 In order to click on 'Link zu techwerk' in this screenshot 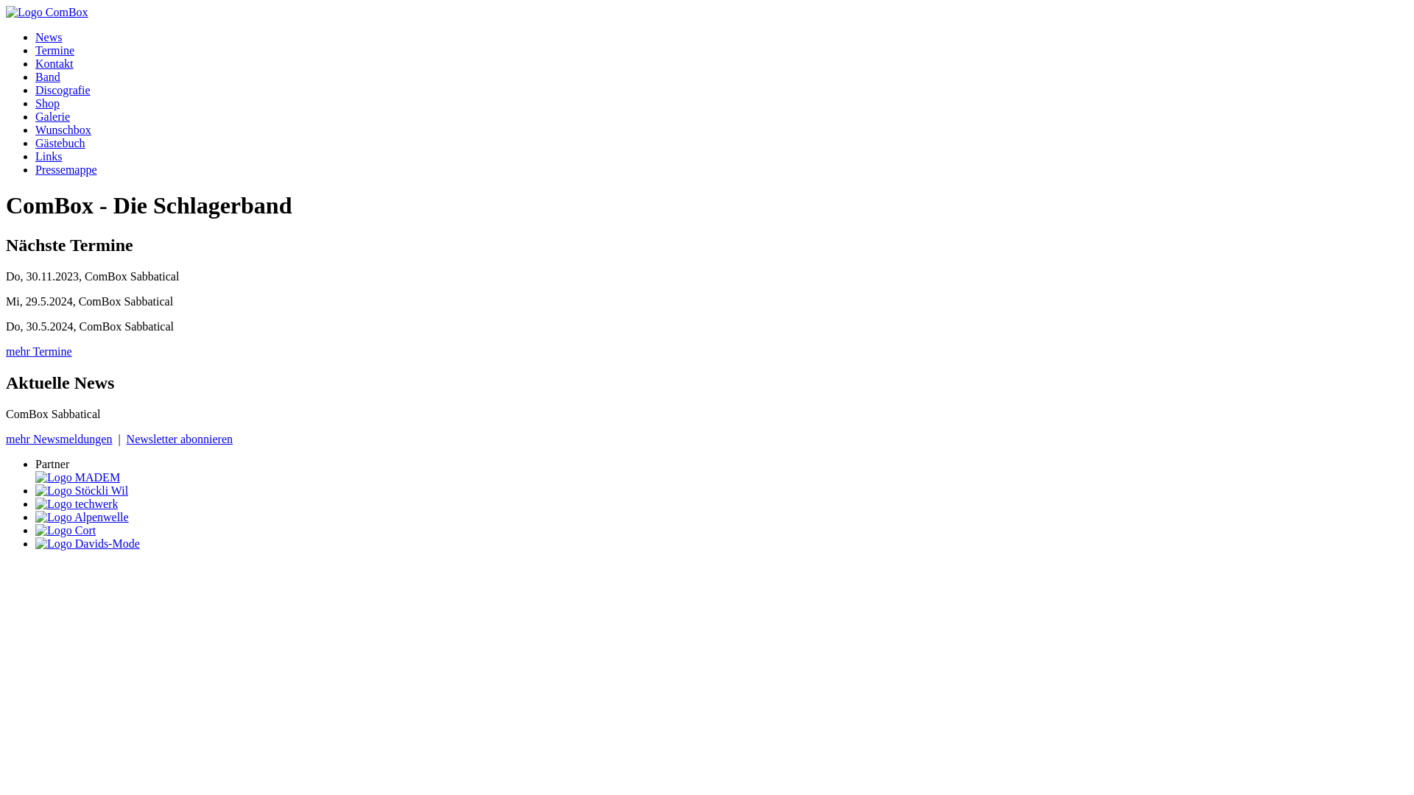, I will do `click(76, 503)`.